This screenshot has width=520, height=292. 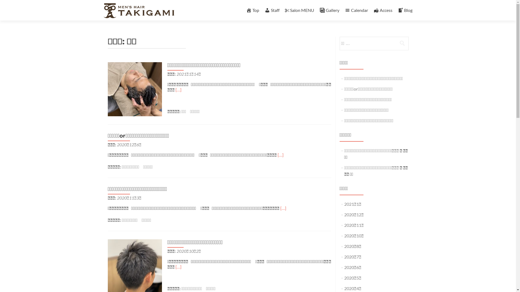 What do you see at coordinates (382, 10) in the screenshot?
I see `'Access'` at bounding box center [382, 10].